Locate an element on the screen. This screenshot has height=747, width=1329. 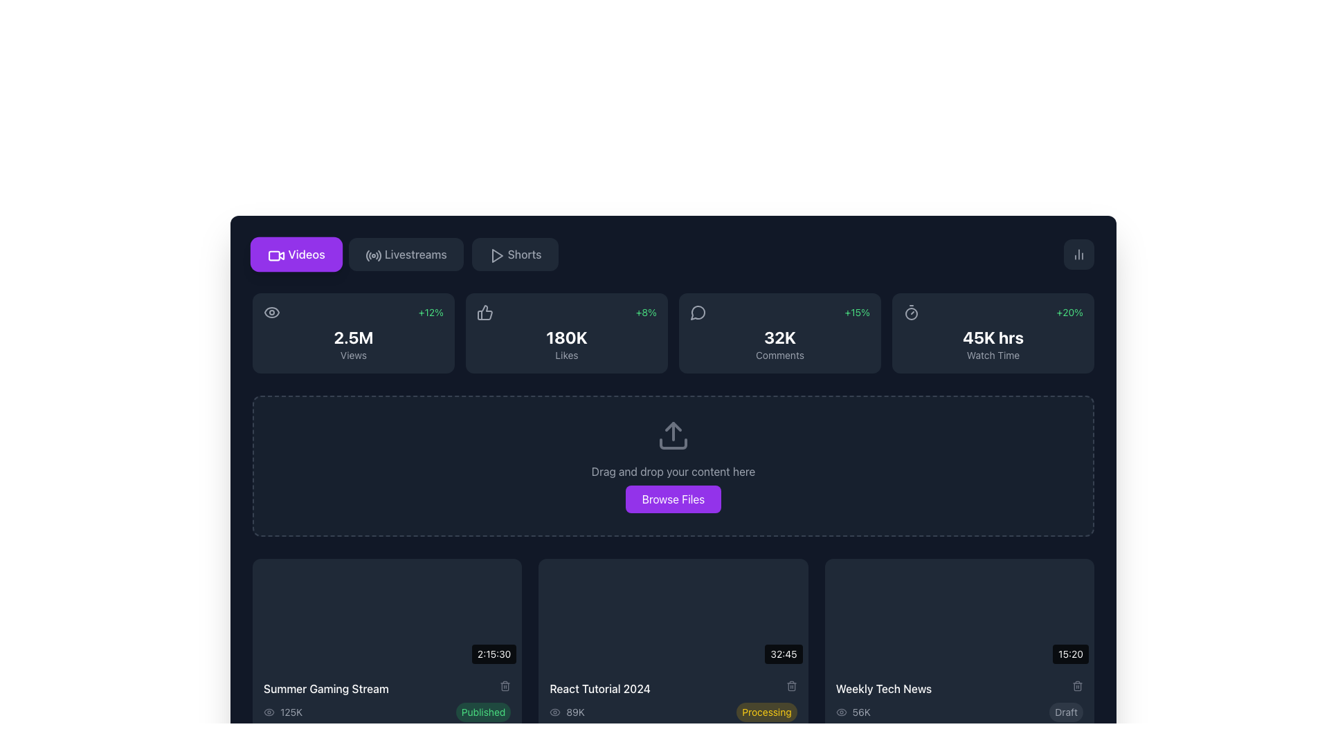
the text label displaying a percentage value, located to the right of the numerical figure '32K' in the top section of the interface is located at coordinates (856, 312).